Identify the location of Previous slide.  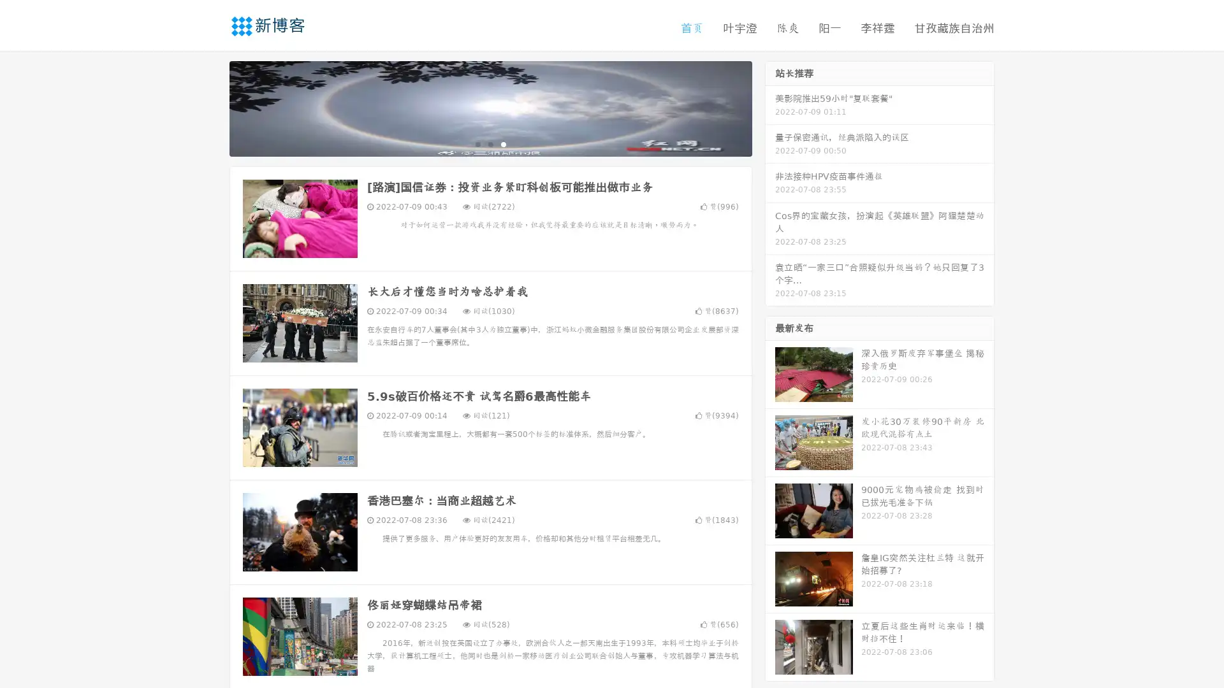
(210, 107).